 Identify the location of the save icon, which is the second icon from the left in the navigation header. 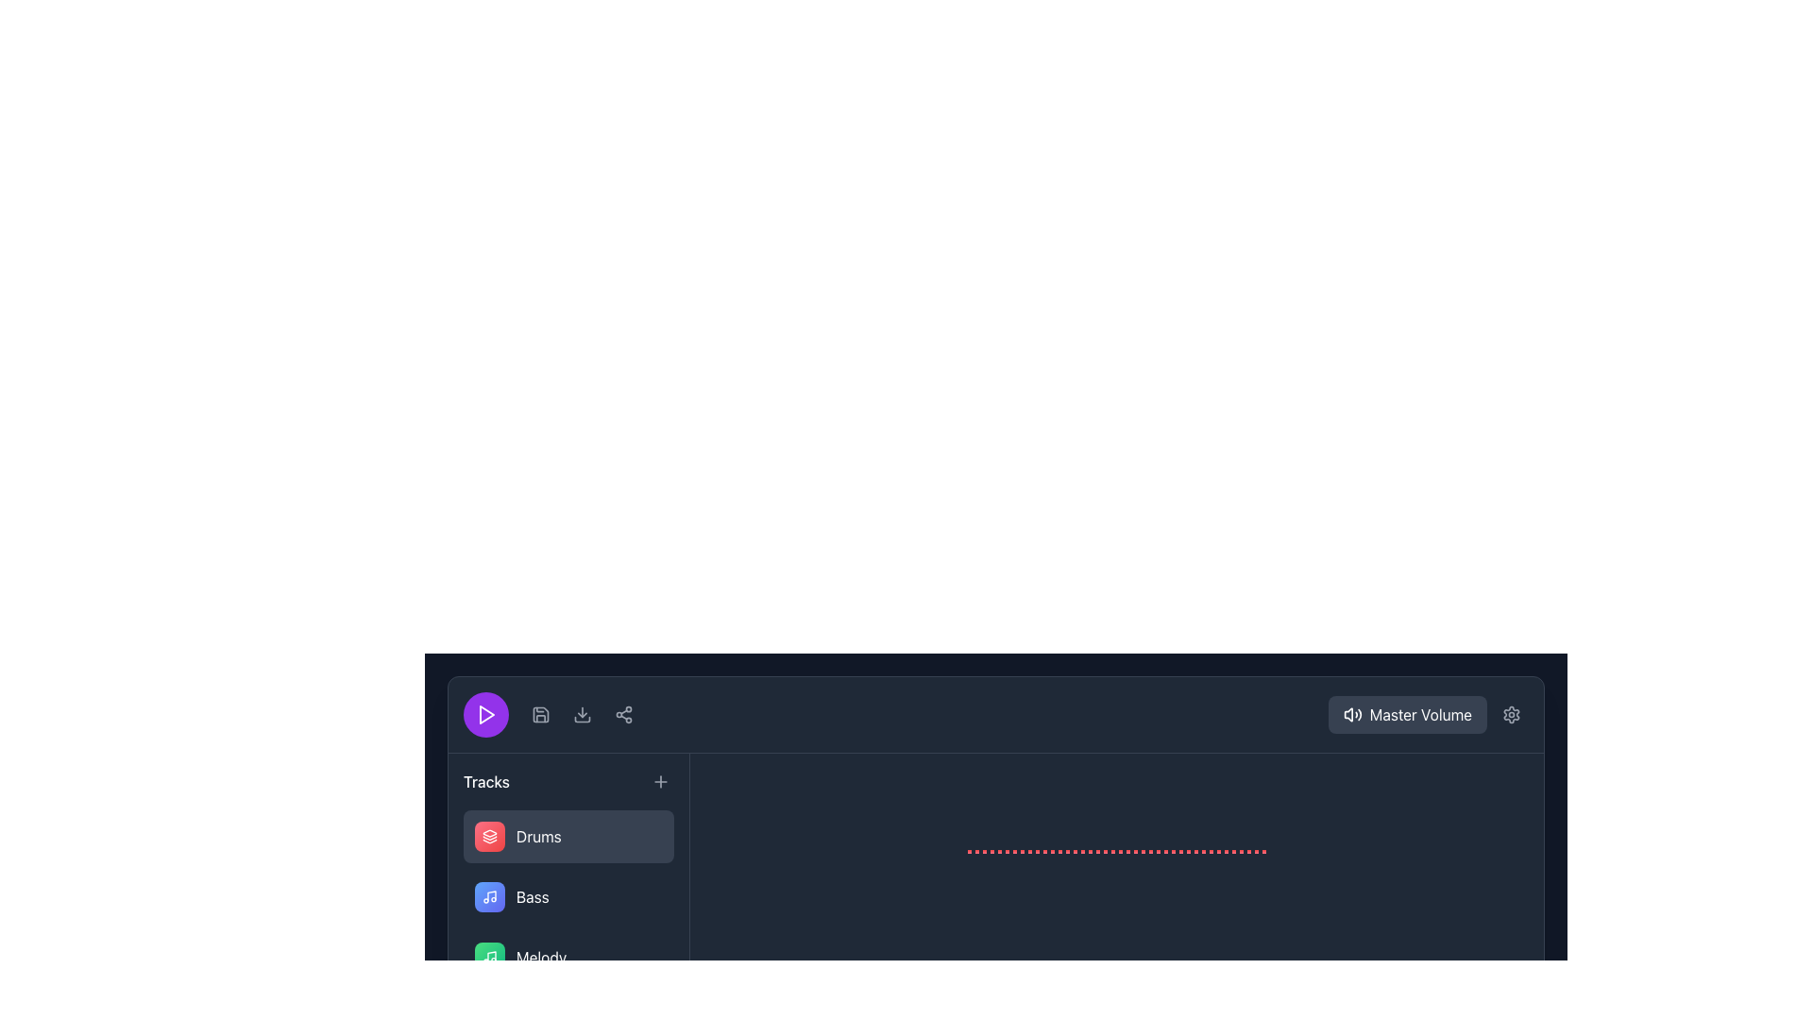
(539, 714).